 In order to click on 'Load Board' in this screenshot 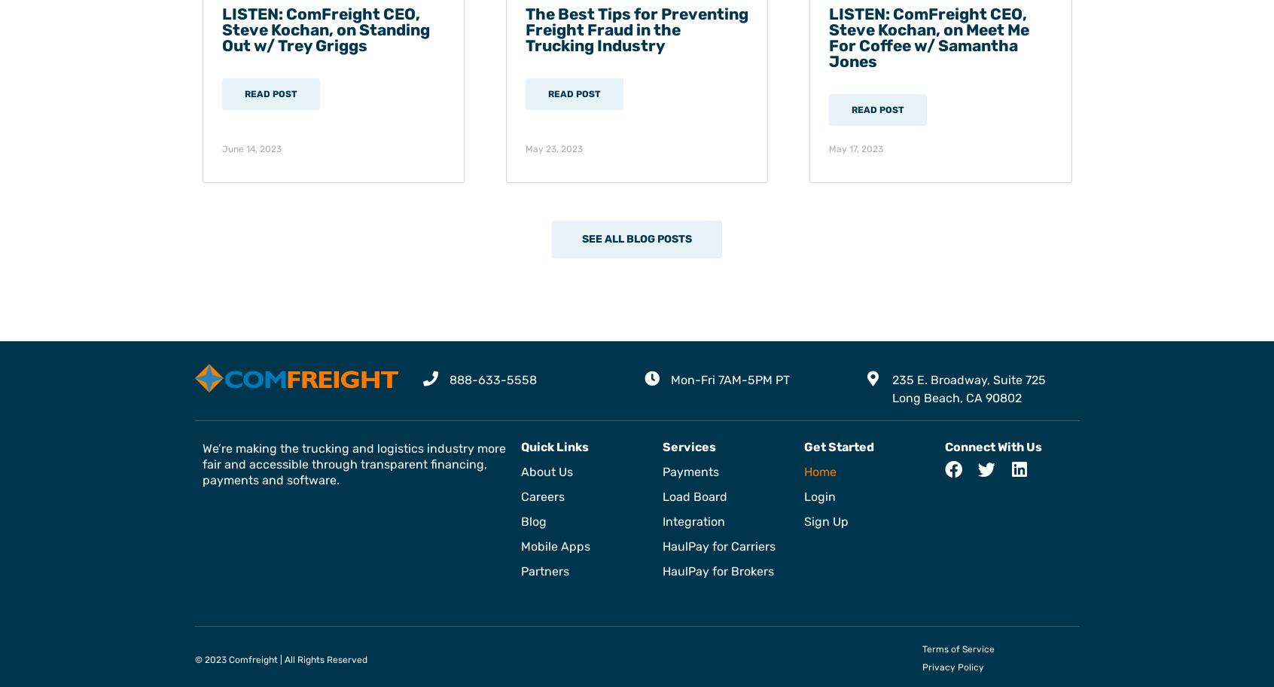, I will do `click(693, 495)`.